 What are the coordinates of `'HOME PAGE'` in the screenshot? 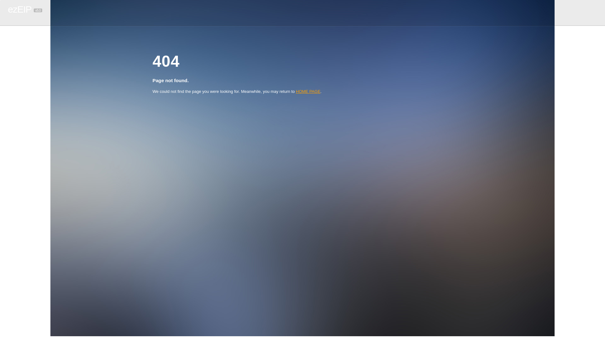 It's located at (308, 91).